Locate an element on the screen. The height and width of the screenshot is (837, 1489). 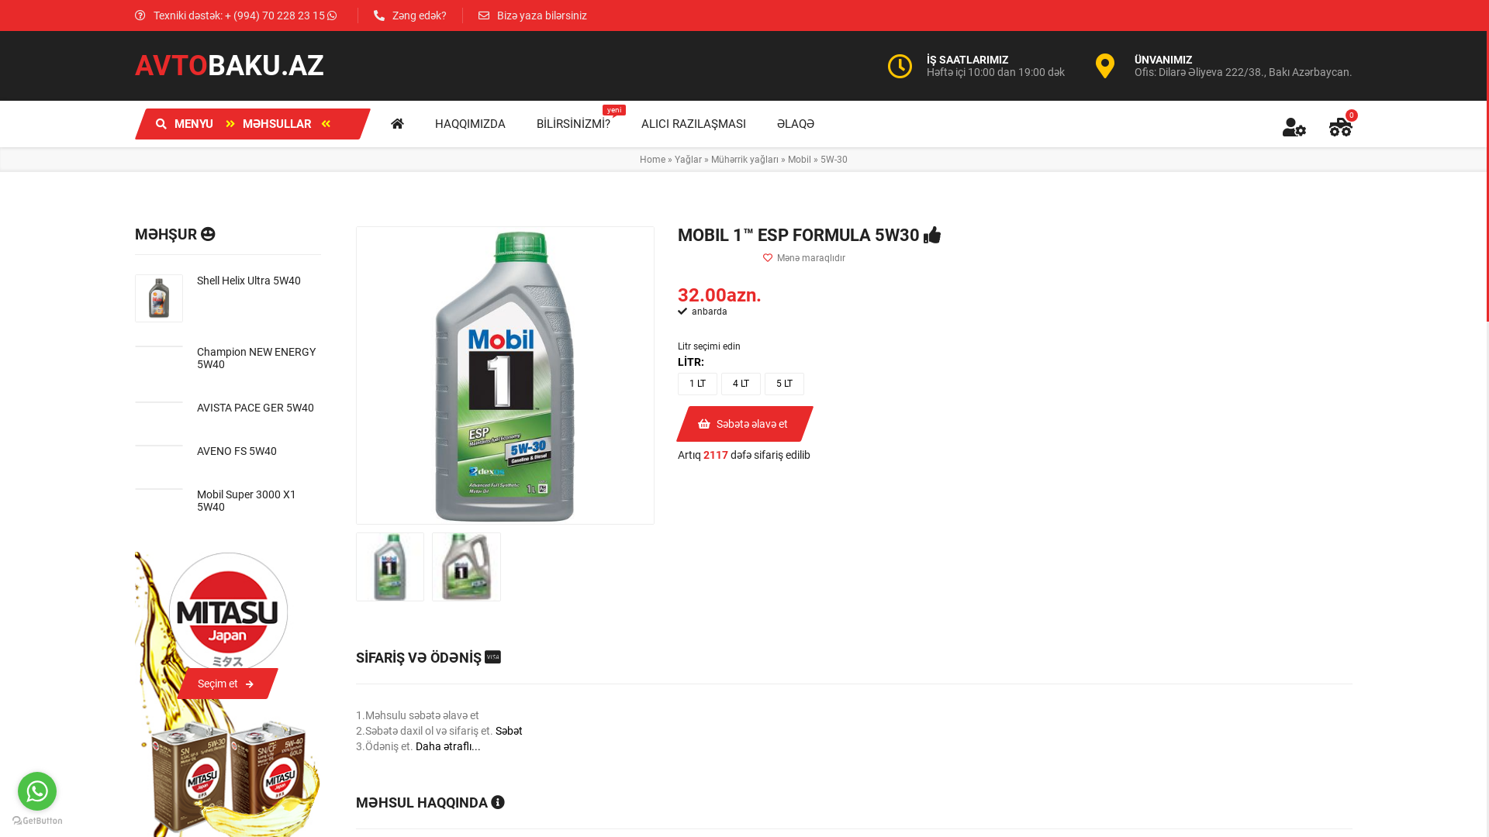
'Shell Helix Ultra 5W40' is located at coordinates (259, 281).